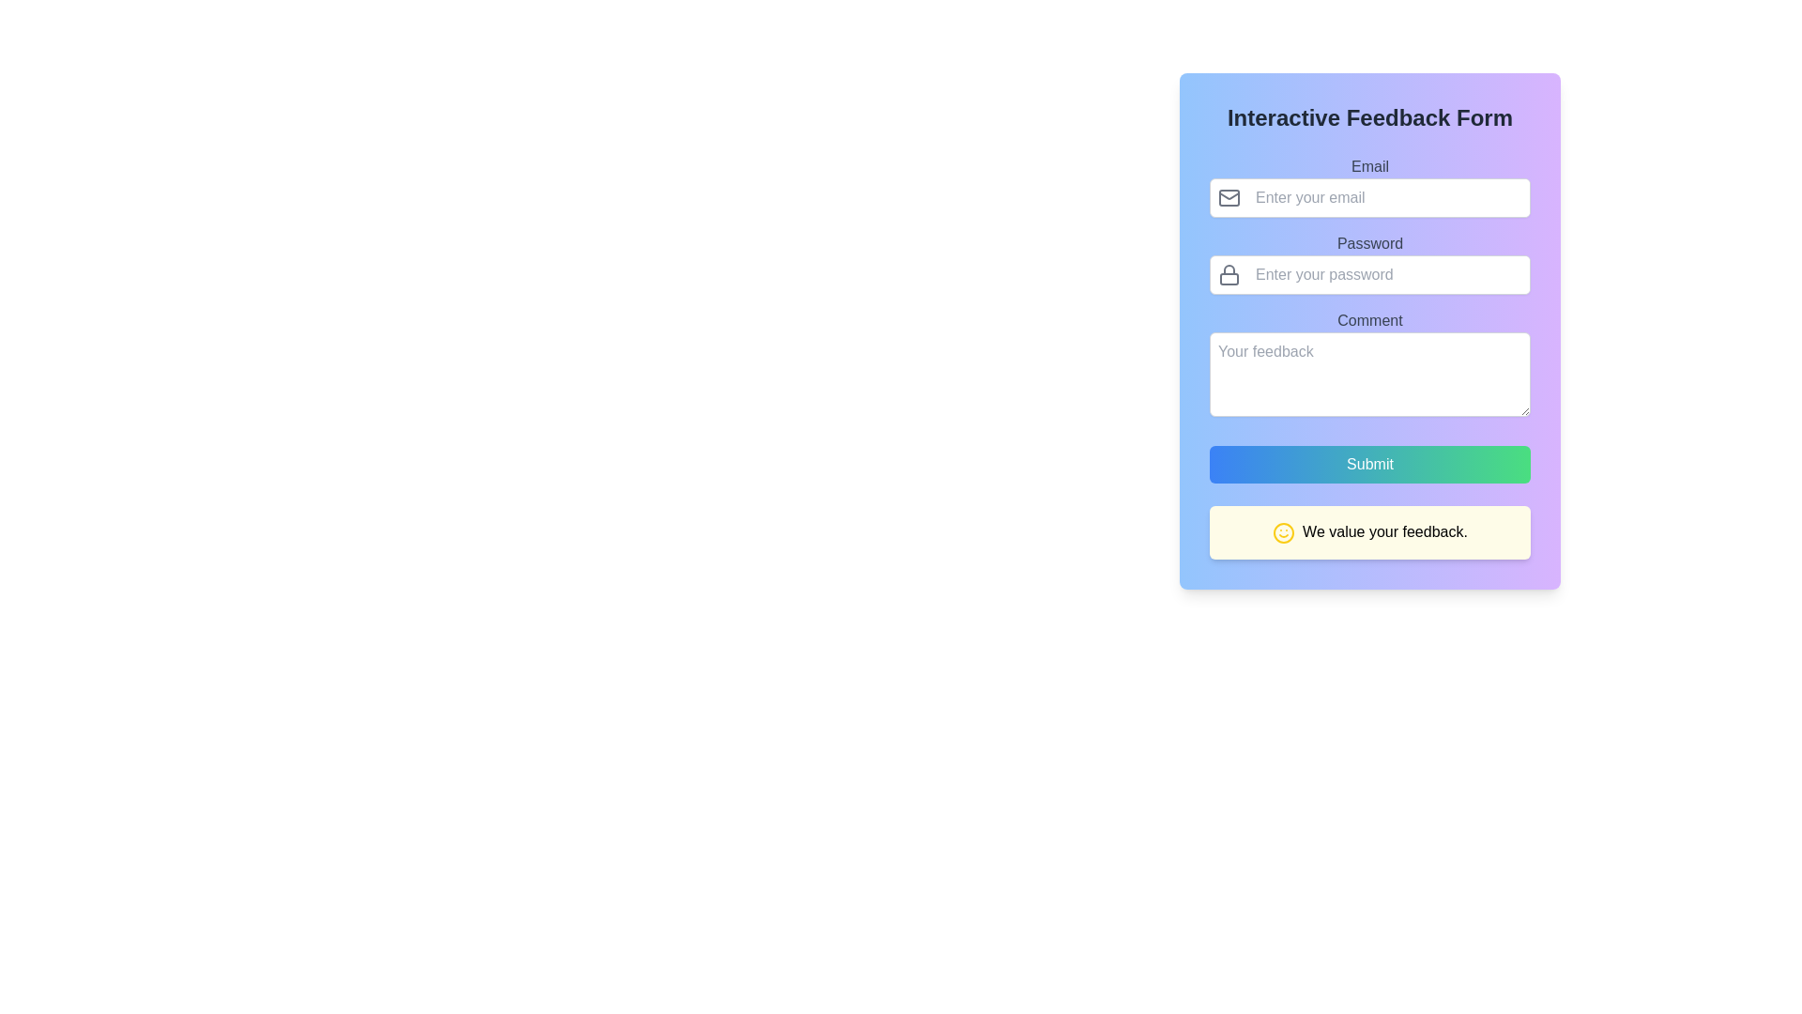 The image size is (1802, 1014). I want to click on the label text indicating the password input field, which is positioned above the password text box in the interactive feedback form, so click(1369, 242).